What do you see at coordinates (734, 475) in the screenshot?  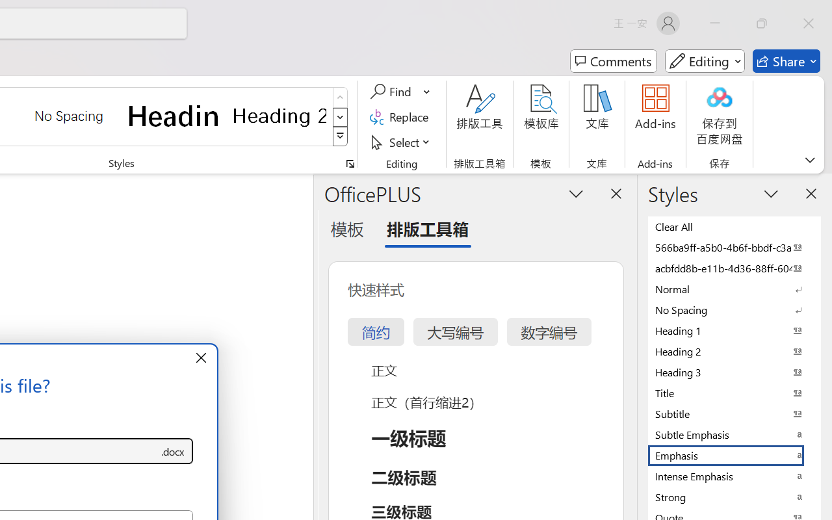 I see `'Intense Emphasis'` at bounding box center [734, 475].